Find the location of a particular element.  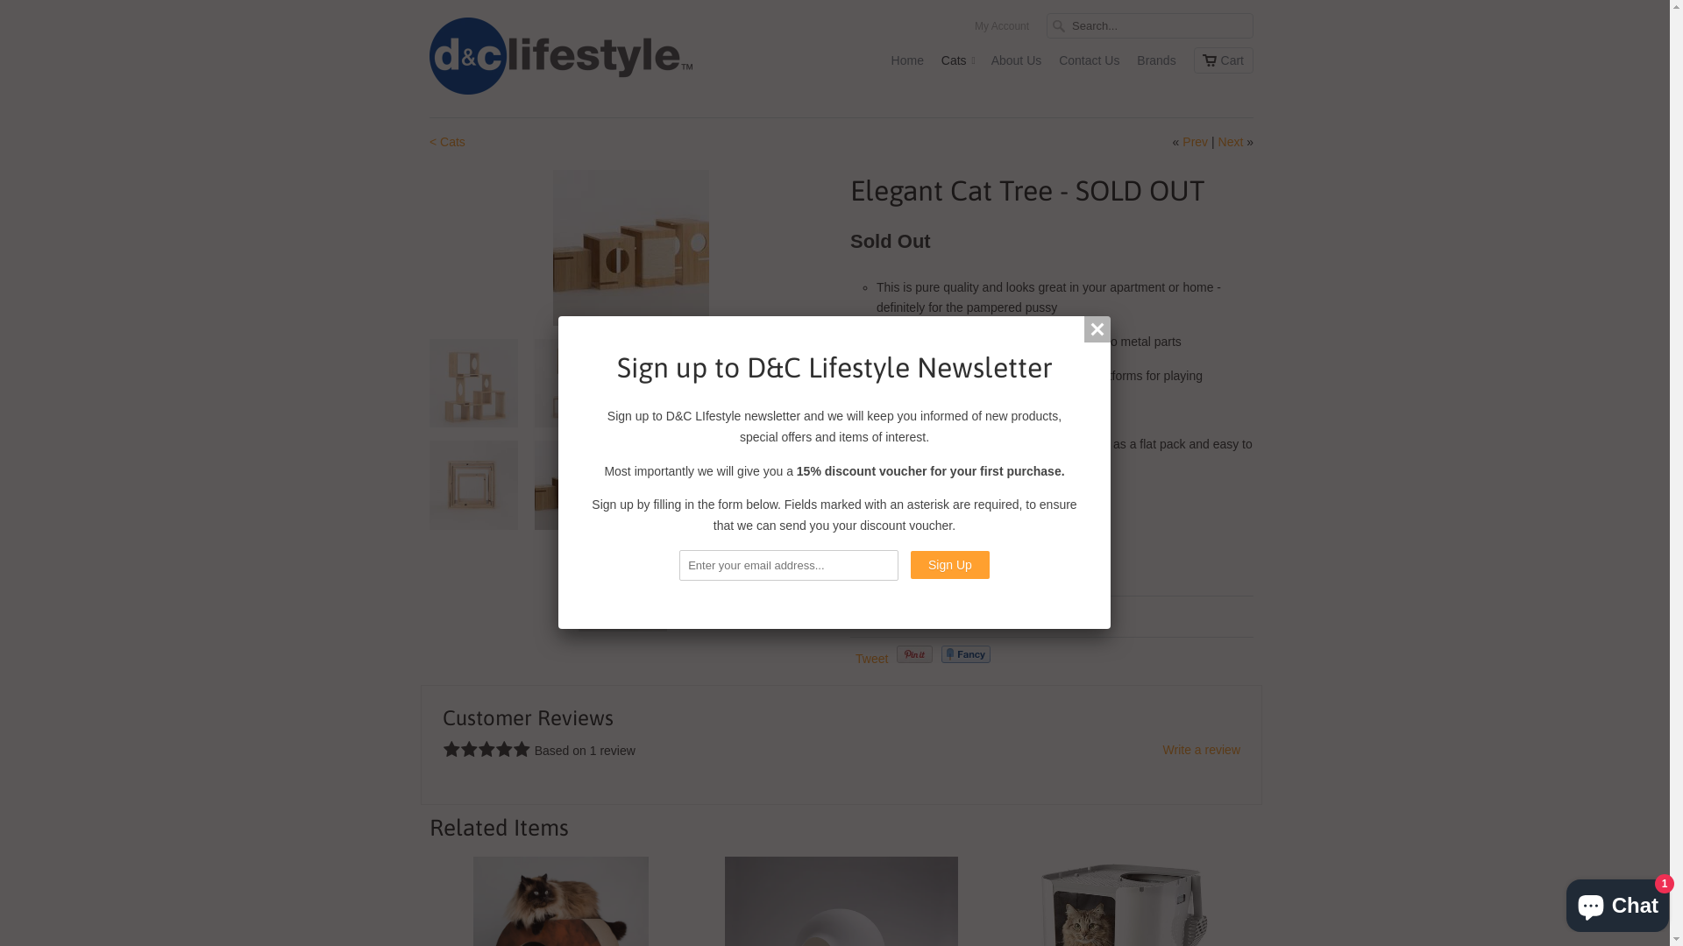

'My Account' is located at coordinates (1001, 30).